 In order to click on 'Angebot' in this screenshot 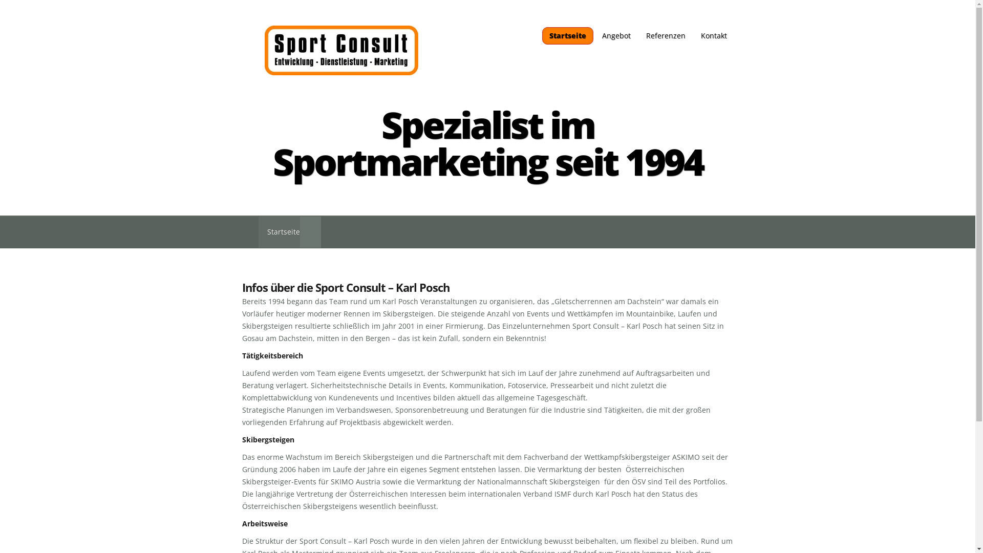, I will do `click(615, 35)`.